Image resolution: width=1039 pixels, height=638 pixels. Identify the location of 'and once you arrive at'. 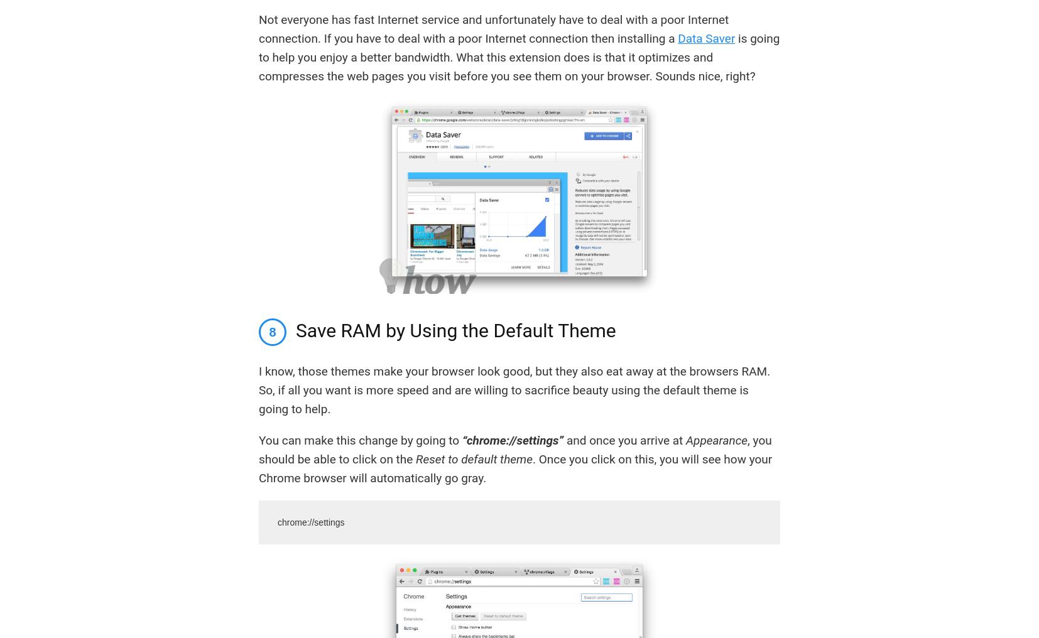
(624, 440).